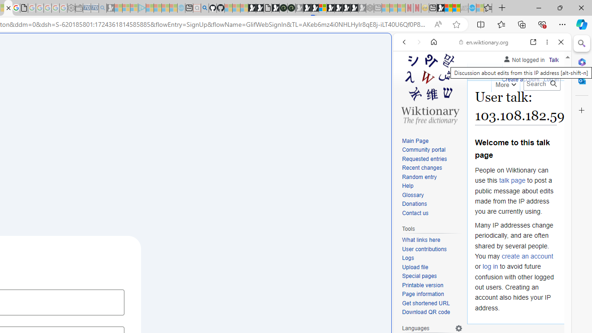 This screenshot has height=333, width=592. I want to click on 'Not logged in', so click(524, 58).